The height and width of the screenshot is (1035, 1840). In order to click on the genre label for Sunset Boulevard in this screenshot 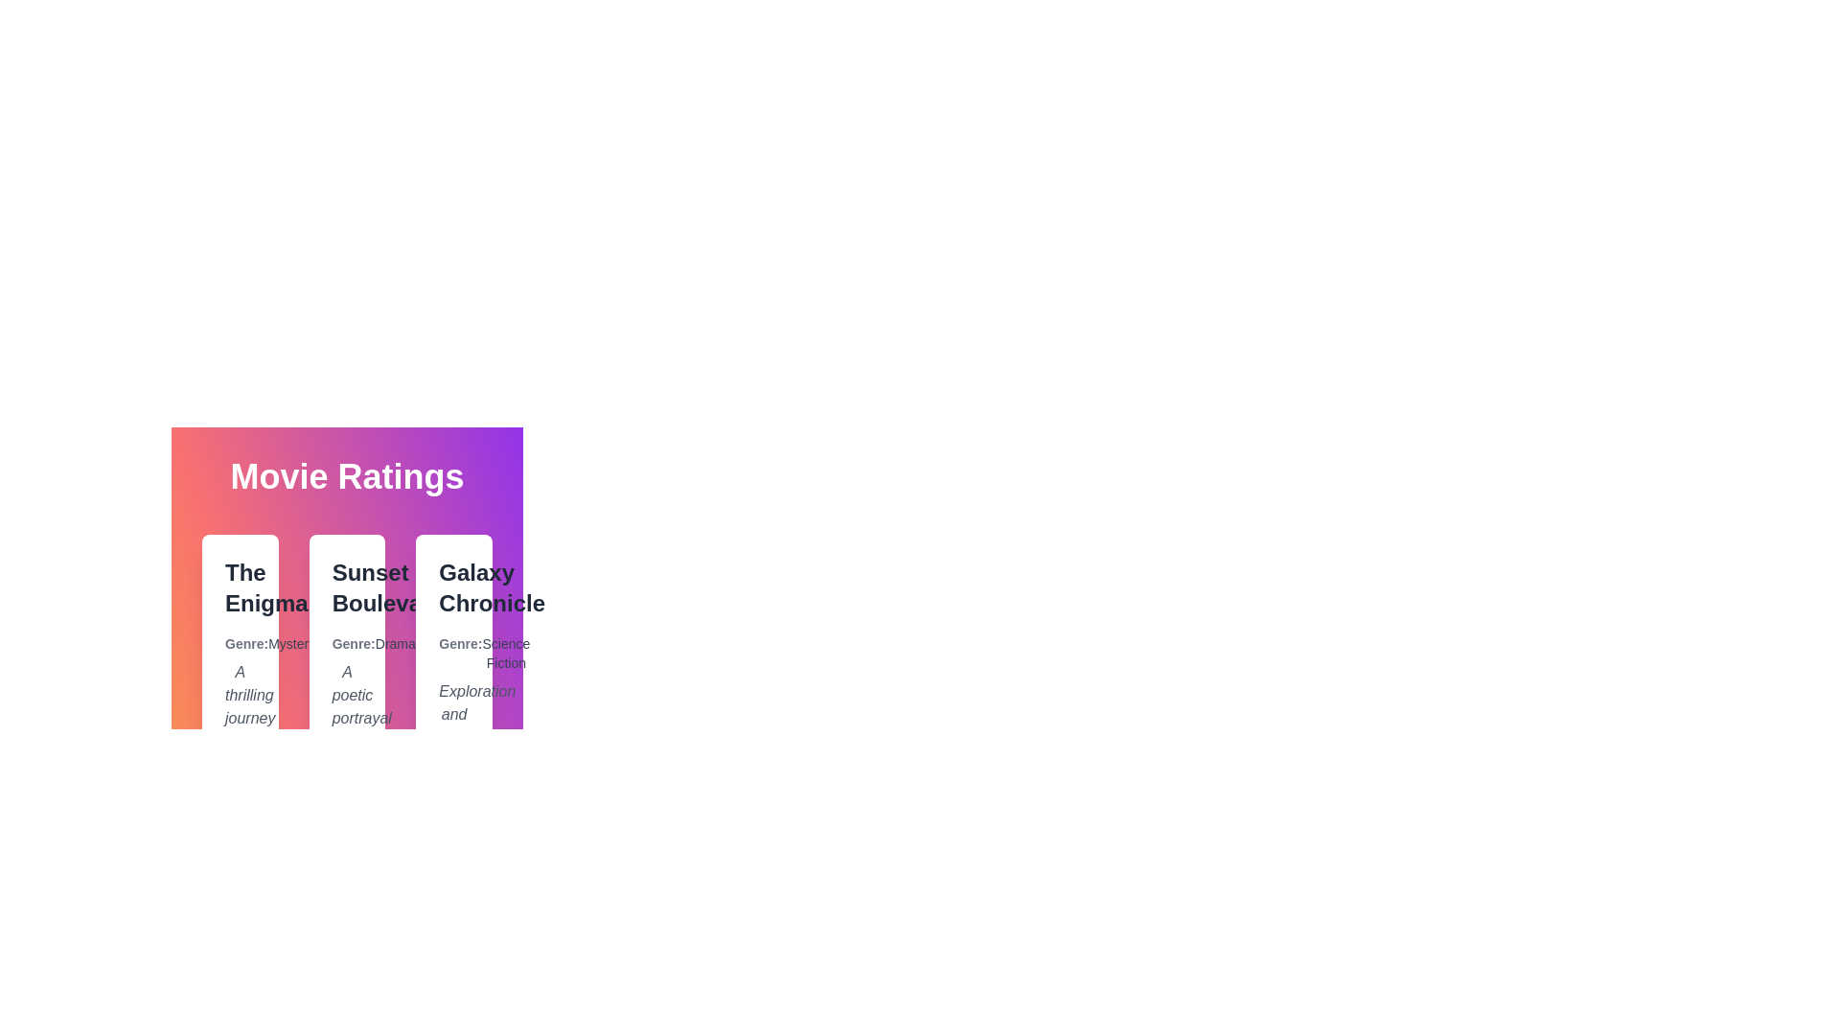, I will do `click(347, 643)`.